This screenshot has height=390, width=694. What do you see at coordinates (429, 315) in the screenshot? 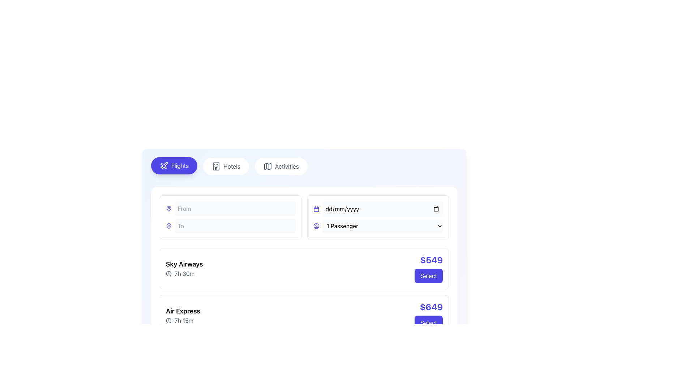
I see `the 'Select' button located at the bottom-right of the flight information box to choose the flight option priced at $649` at bounding box center [429, 315].